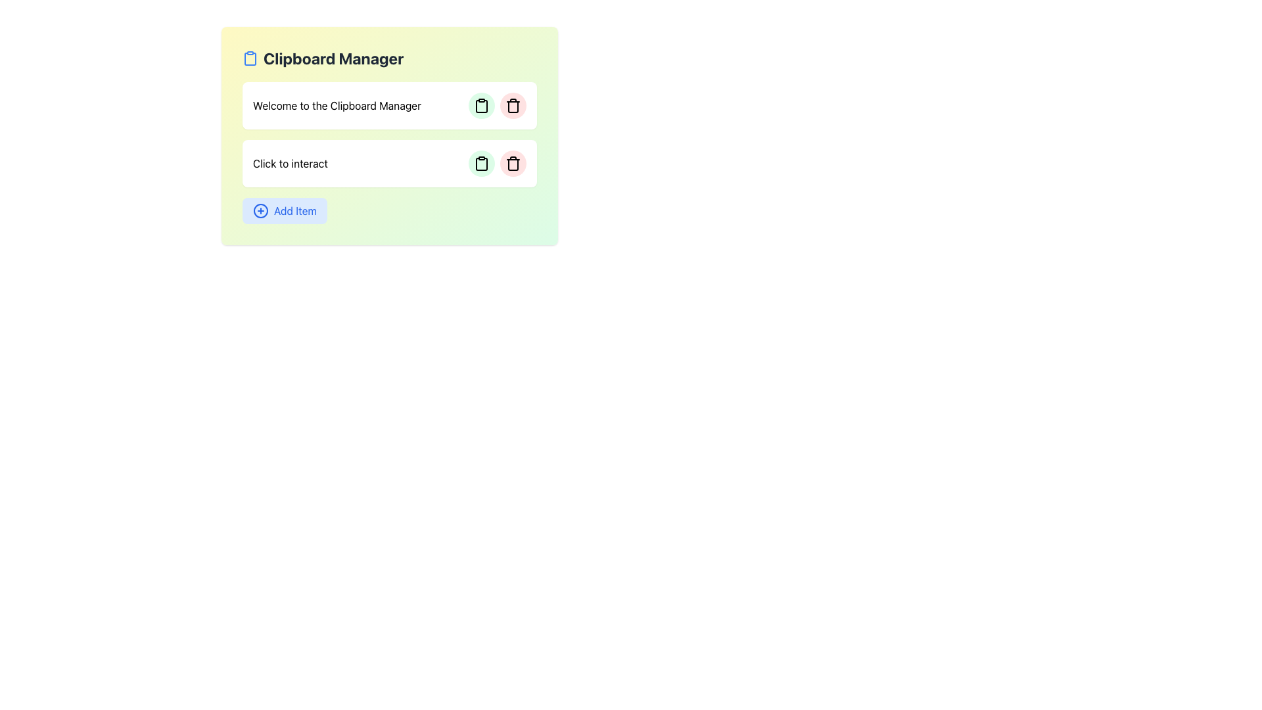  Describe the element at coordinates (250, 58) in the screenshot. I see `the clipboard icon located in the top-left section of the interface, which is positioned directly to the left of the text 'Clipboard Manager'` at that location.